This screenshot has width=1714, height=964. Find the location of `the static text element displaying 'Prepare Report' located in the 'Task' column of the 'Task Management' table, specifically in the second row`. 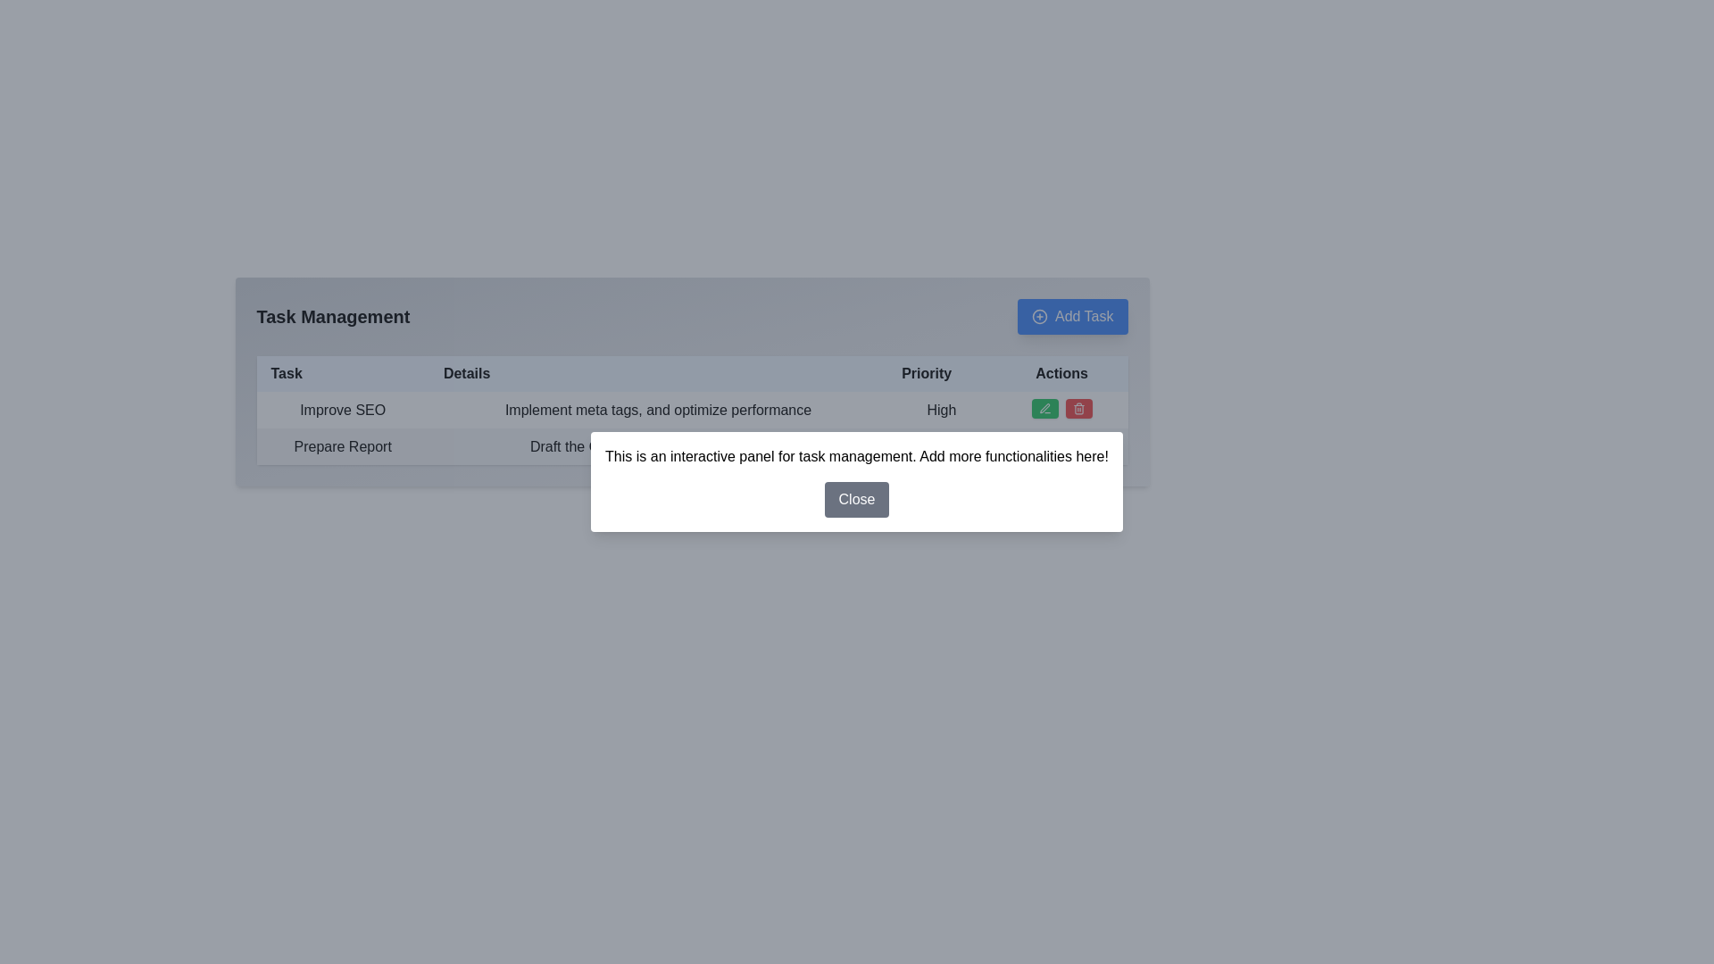

the static text element displaying 'Prepare Report' located in the 'Task' column of the 'Task Management' table, specifically in the second row is located at coordinates (343, 445).